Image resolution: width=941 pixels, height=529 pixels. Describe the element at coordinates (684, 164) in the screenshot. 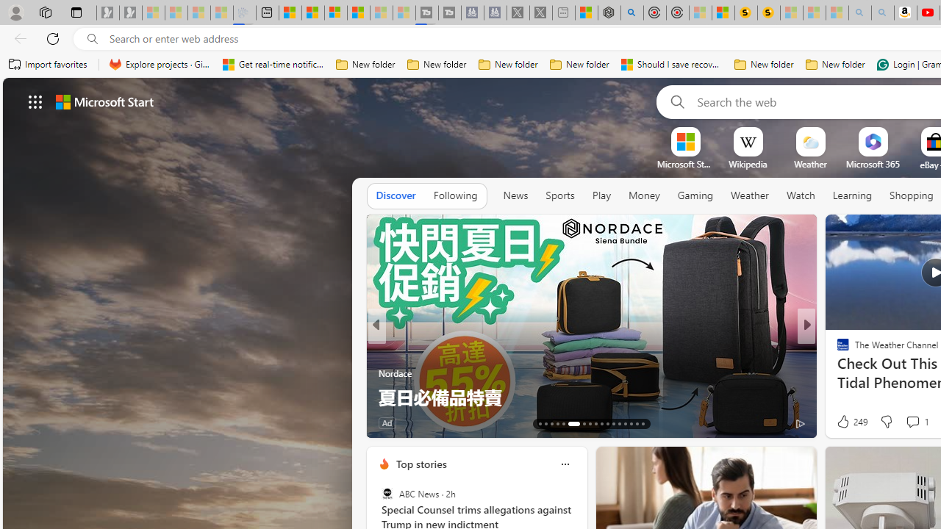

I see `'Microsoft Start Sports'` at that location.